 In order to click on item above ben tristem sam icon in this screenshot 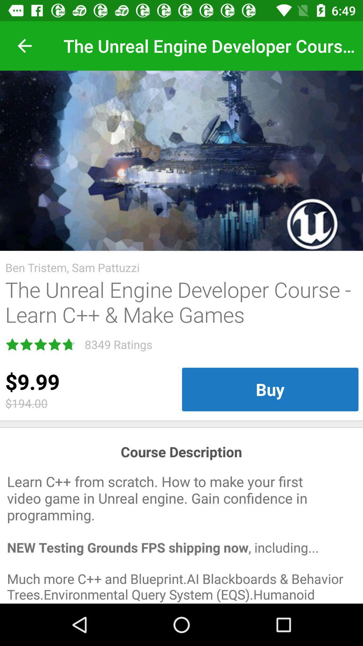, I will do `click(182, 160)`.